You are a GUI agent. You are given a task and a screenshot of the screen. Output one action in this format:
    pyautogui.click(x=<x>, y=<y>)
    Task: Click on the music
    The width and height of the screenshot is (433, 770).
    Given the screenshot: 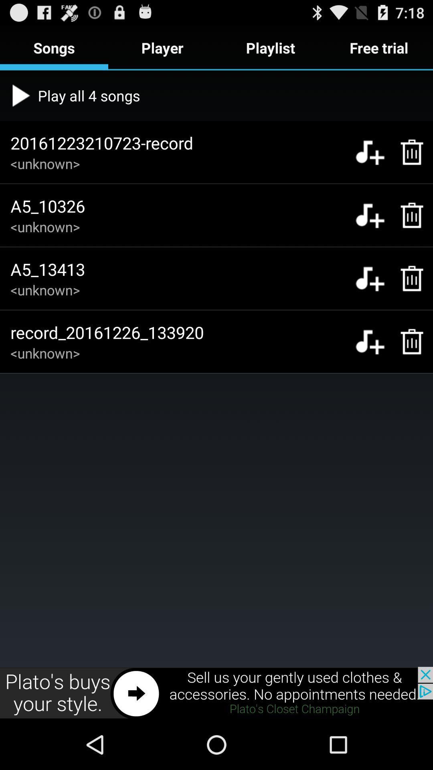 What is the action you would take?
    pyautogui.click(x=370, y=152)
    